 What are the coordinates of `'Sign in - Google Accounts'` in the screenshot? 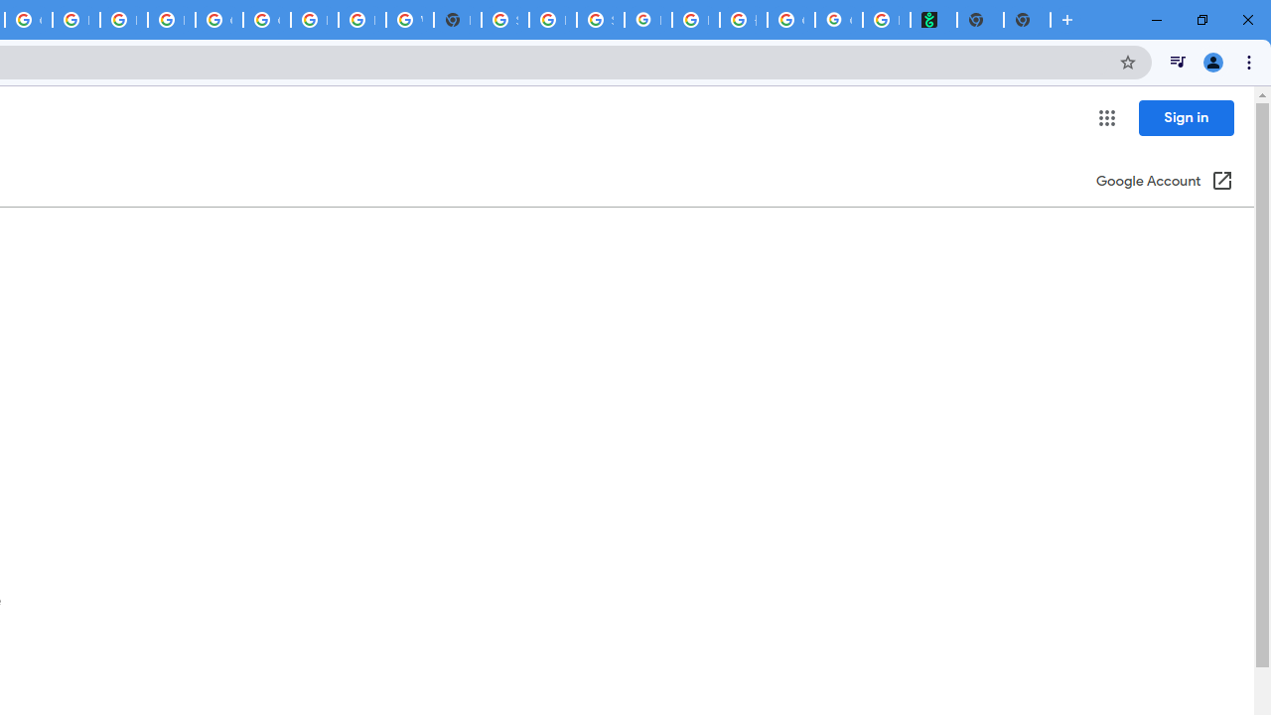 It's located at (504, 20).